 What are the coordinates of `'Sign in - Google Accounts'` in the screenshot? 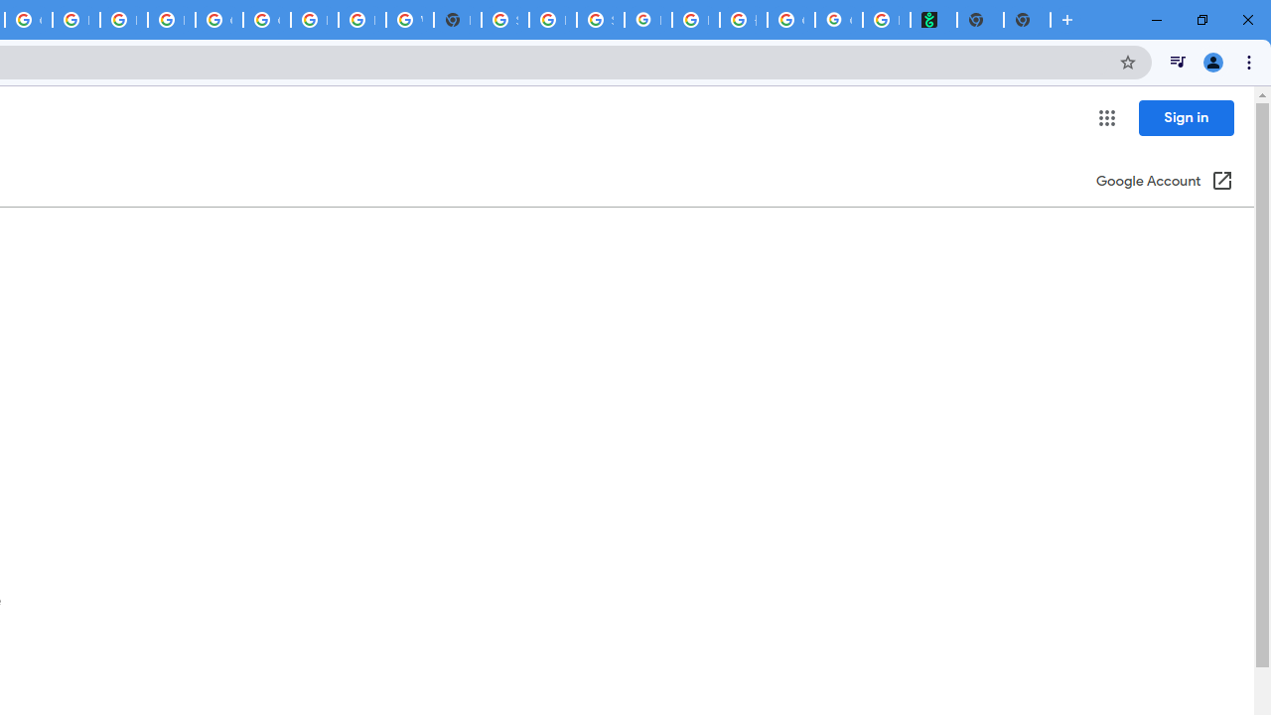 It's located at (504, 20).